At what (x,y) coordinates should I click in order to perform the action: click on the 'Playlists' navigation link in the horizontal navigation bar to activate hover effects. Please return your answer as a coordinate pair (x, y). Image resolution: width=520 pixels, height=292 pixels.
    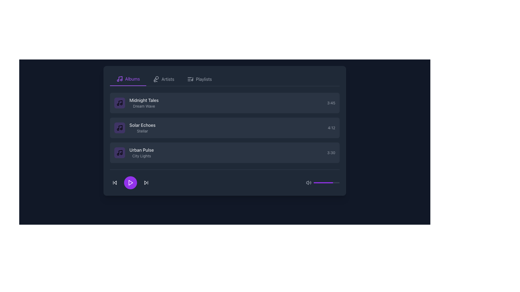
    Looking at the image, I should click on (203, 79).